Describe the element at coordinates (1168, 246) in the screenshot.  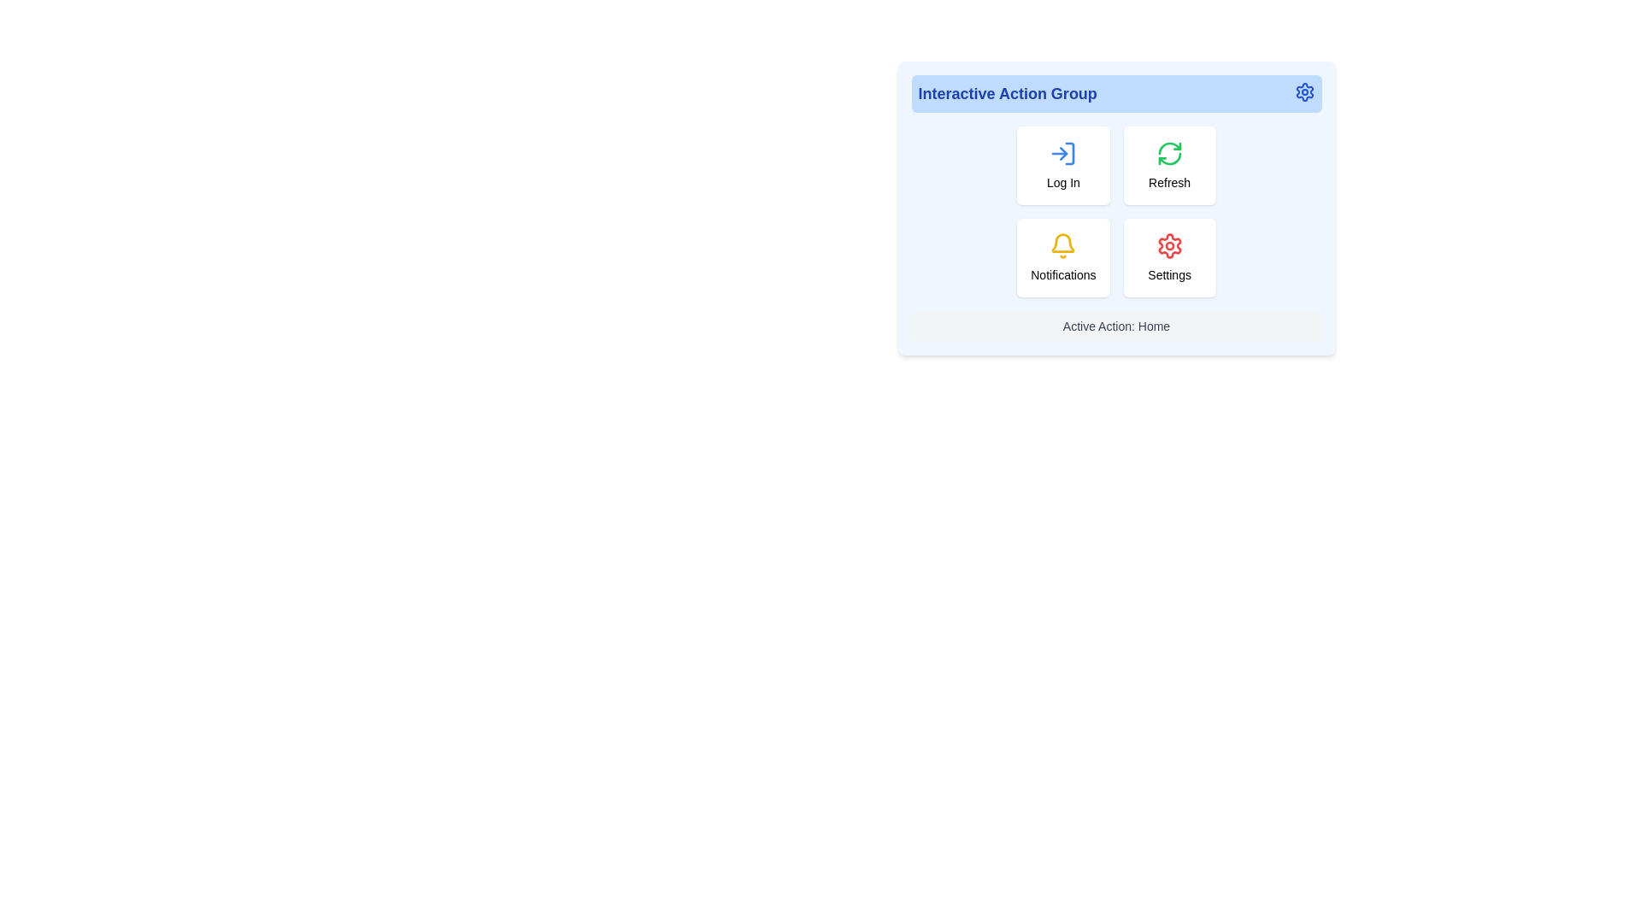
I see `the red-colored cogwheel icon located above the 'Settings' label within the 'Settings' button in the 'Interactive Action Group'` at that location.